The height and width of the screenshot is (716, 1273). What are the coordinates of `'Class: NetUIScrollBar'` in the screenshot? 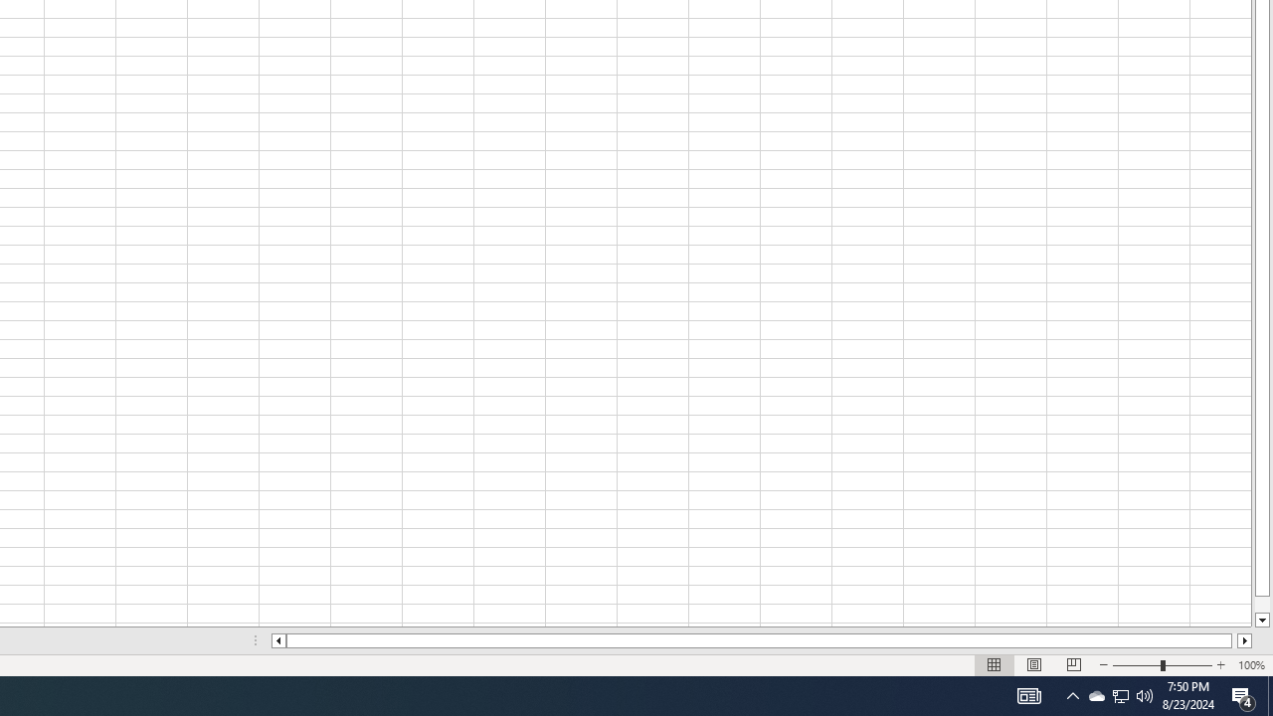 It's located at (761, 640).